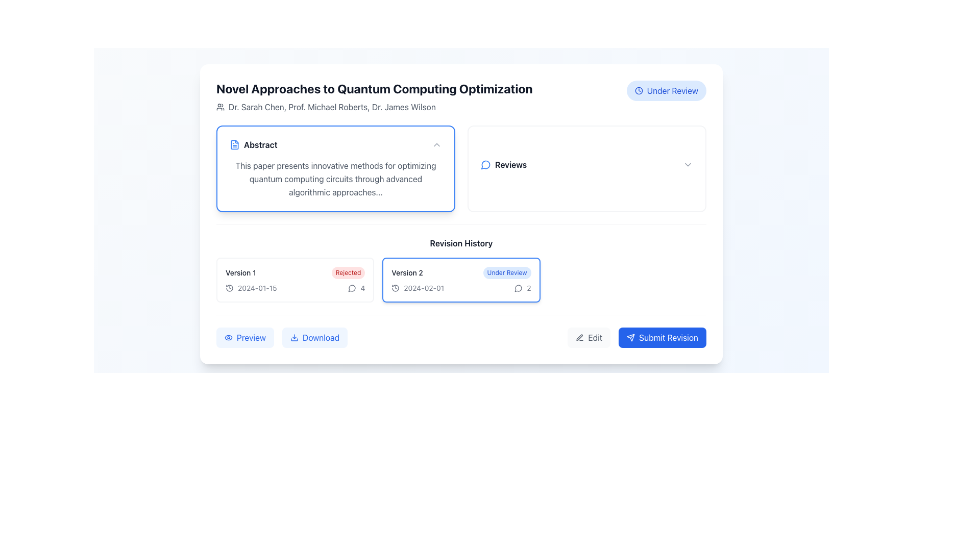  I want to click on the edit icon located to the left of the 'Edit' text in the lower-right section of the interface, so click(580, 338).